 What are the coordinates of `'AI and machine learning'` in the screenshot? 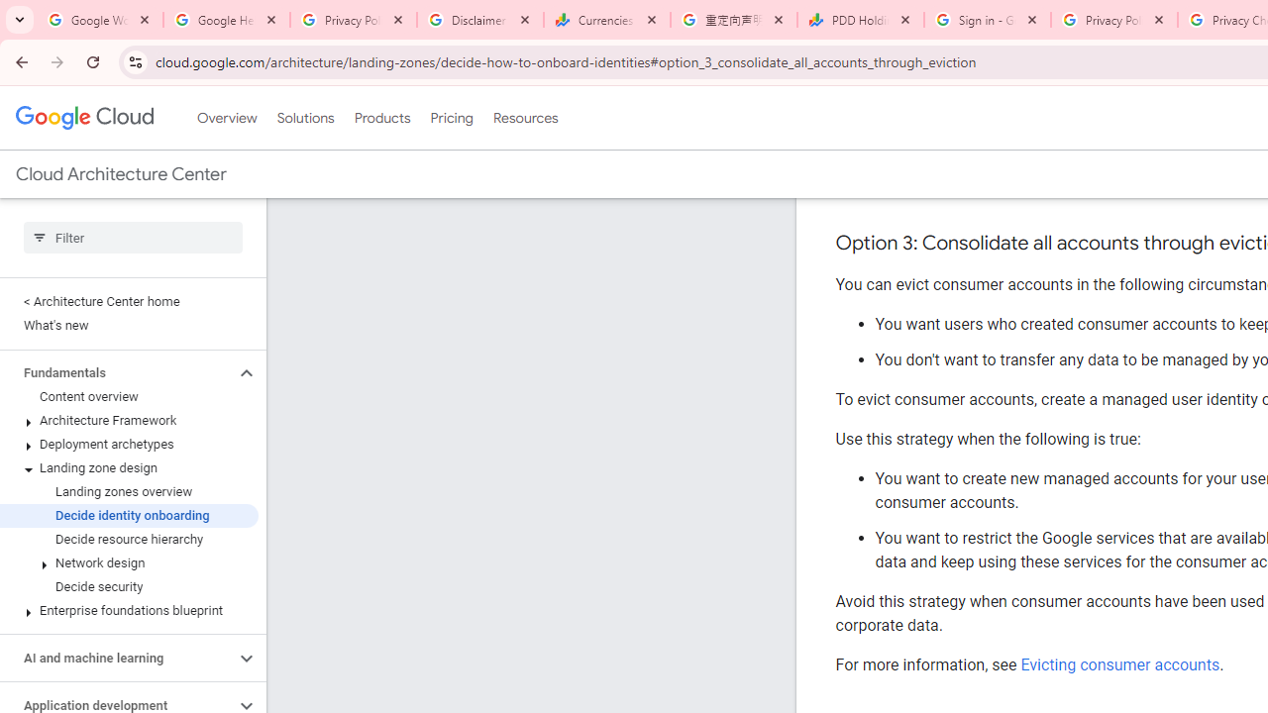 It's located at (116, 658).